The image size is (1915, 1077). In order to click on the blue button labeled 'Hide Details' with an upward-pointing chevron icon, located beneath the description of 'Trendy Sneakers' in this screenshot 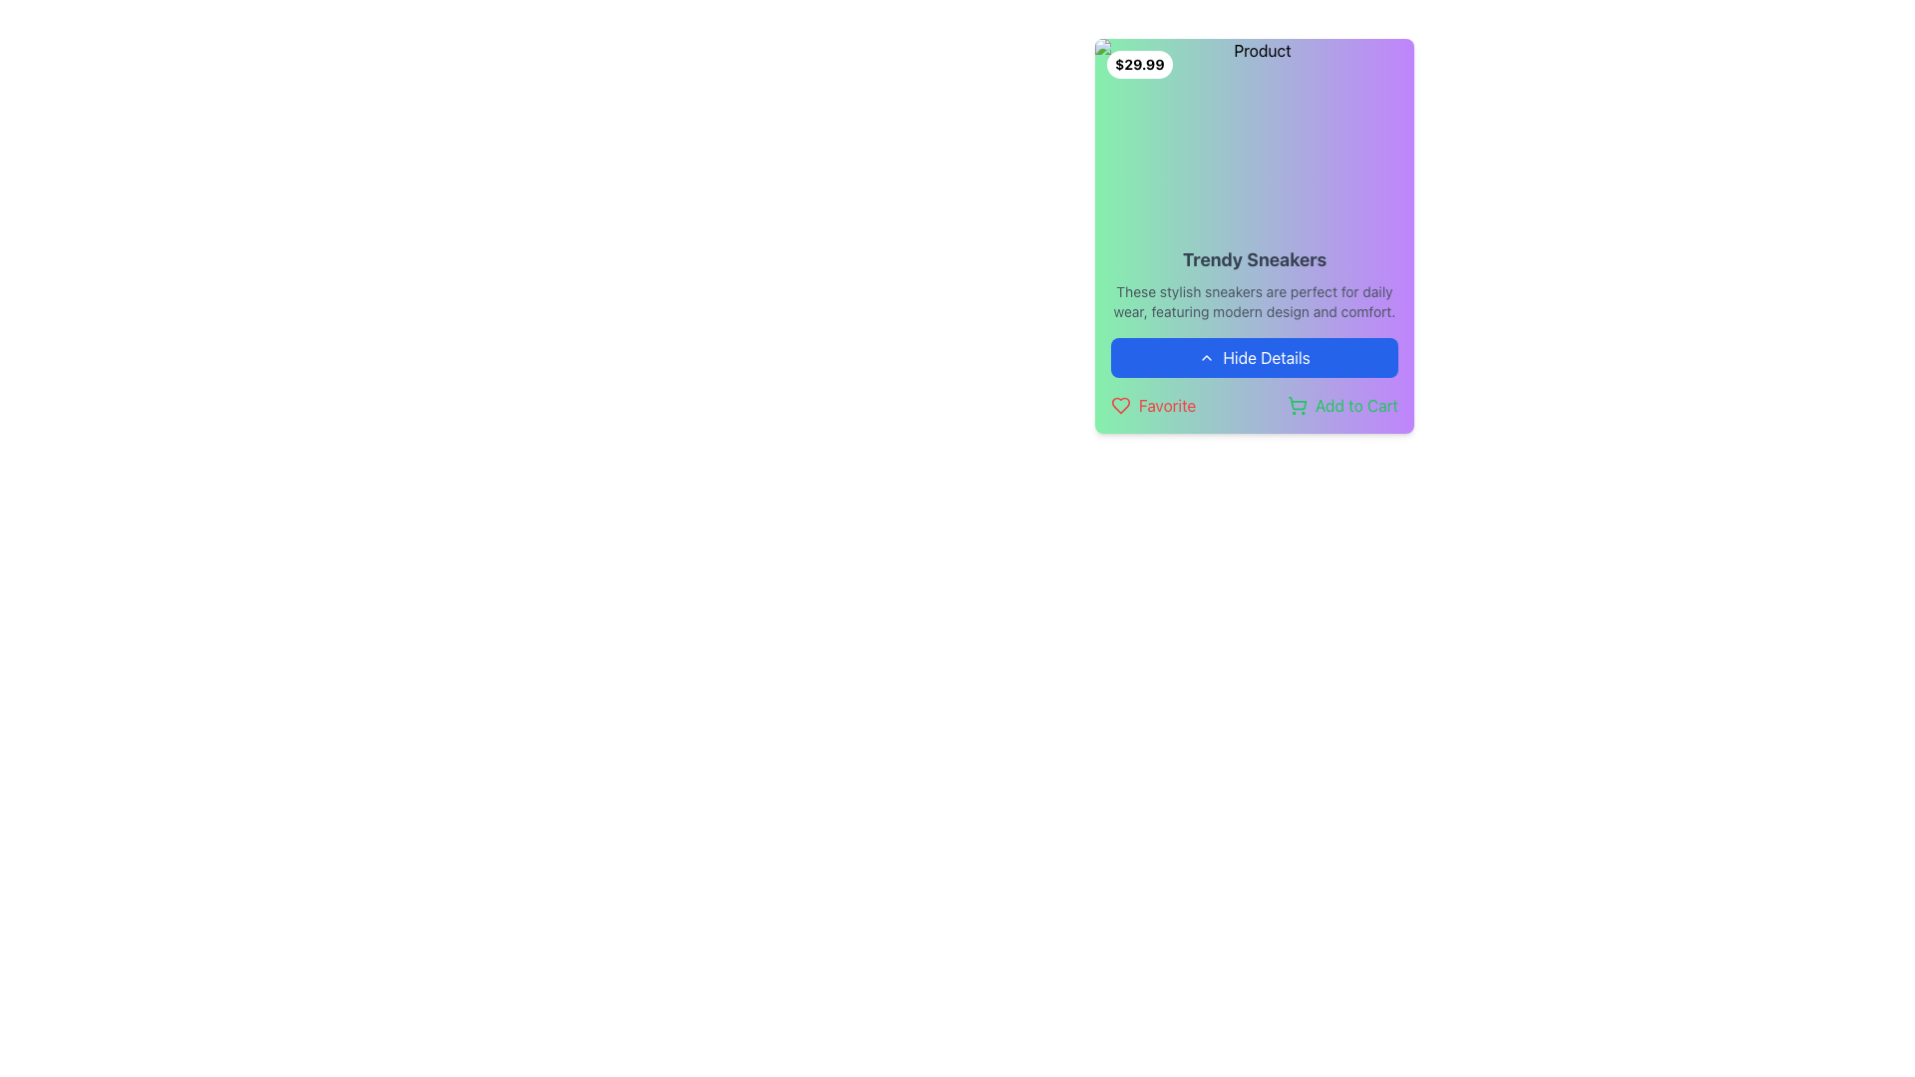, I will do `click(1253, 356)`.